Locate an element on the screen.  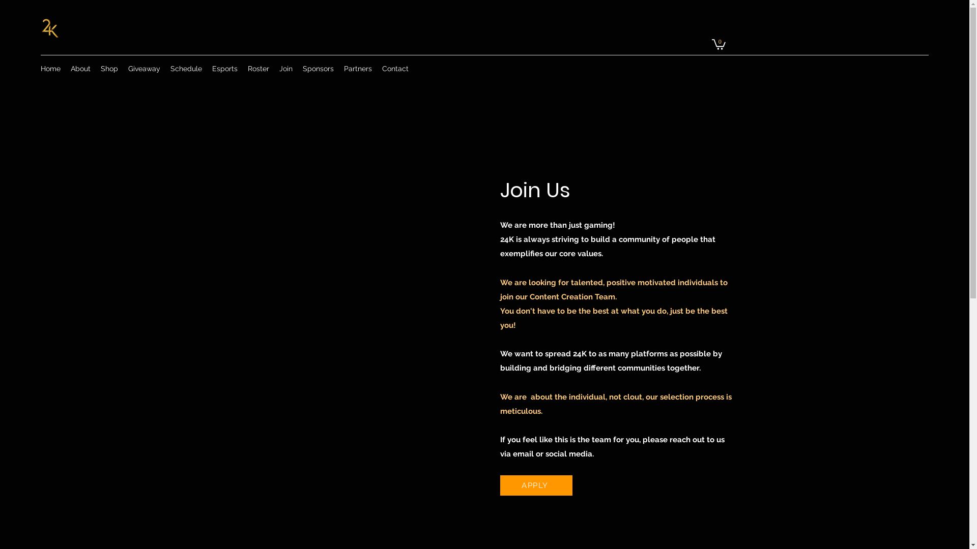
'Roster' is located at coordinates (242, 69).